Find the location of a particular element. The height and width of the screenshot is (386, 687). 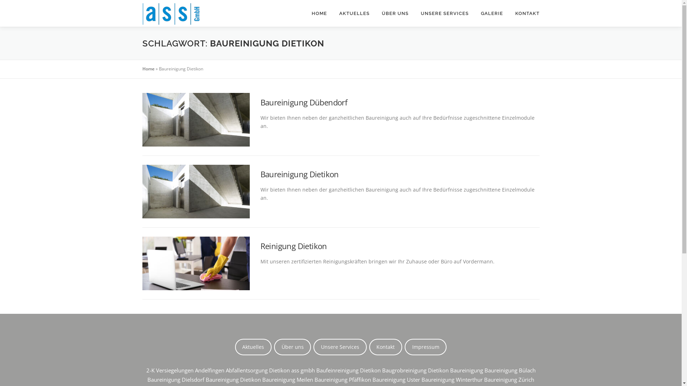

'Home' is located at coordinates (142, 69).